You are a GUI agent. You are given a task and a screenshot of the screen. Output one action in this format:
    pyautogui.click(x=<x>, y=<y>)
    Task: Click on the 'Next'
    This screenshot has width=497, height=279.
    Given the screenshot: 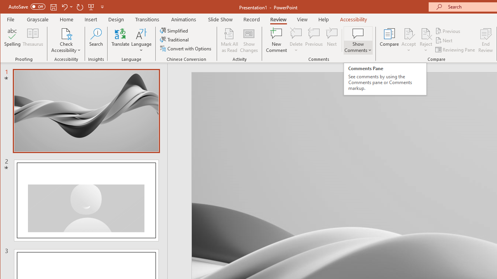 What is the action you would take?
    pyautogui.click(x=444, y=40)
    